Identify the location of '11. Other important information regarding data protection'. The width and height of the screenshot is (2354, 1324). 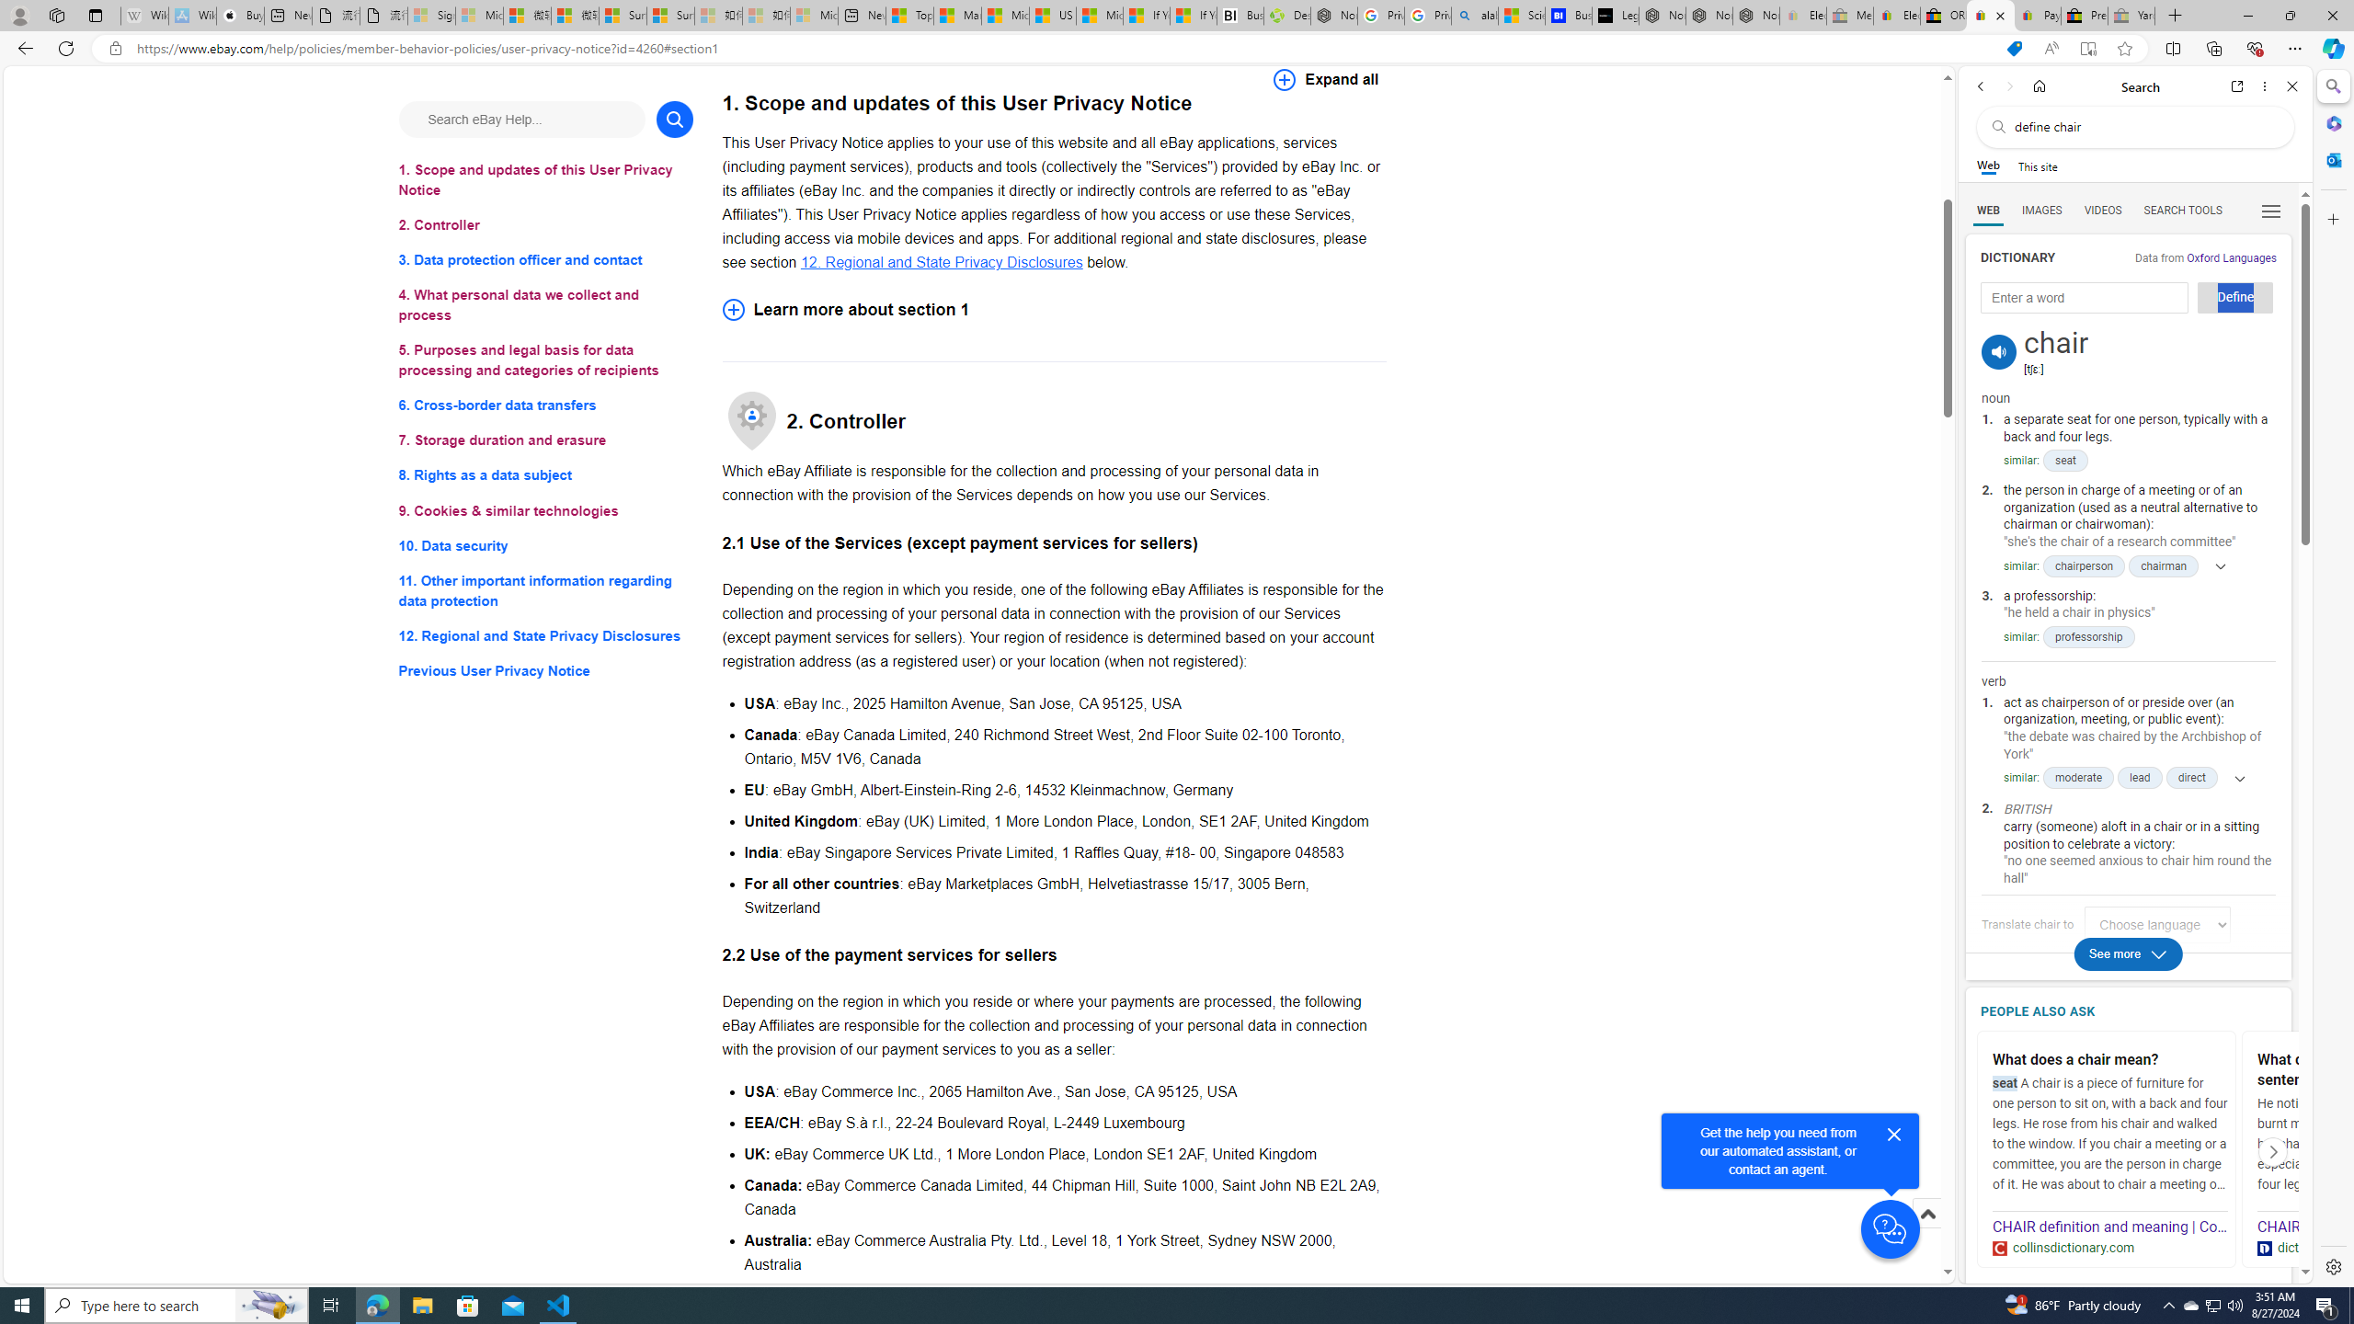
(544, 590).